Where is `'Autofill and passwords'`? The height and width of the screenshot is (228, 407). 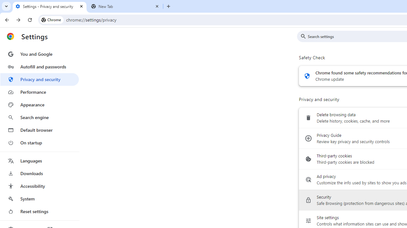 'Autofill and passwords' is located at coordinates (39, 66).